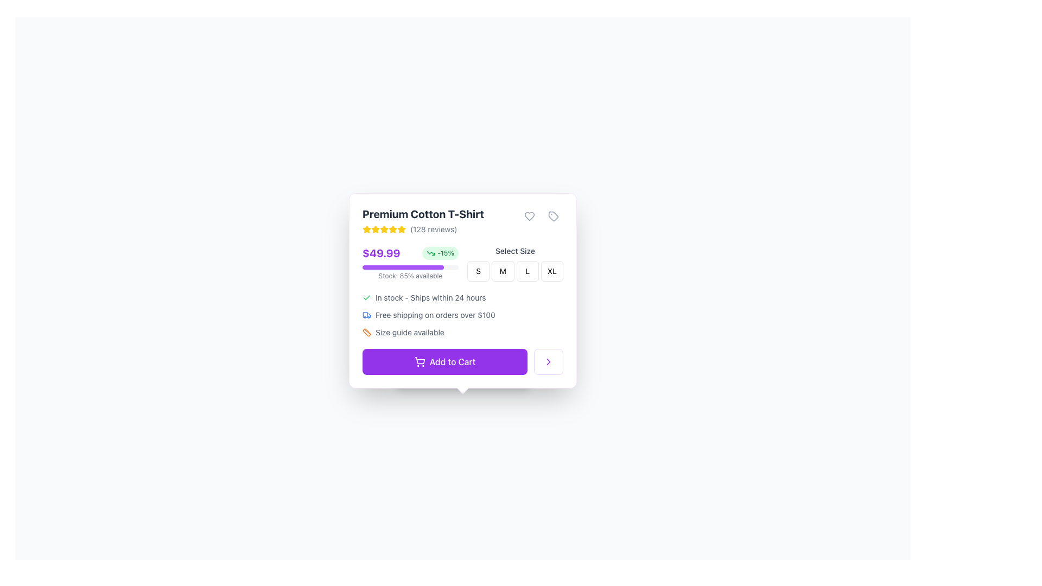 The image size is (1042, 586). Describe the element at coordinates (478, 271) in the screenshot. I see `the 'S' size button, which is a square button with rounded corners, a white background, and a black border containing a bold 'S' character, using keyboard navigation` at that location.